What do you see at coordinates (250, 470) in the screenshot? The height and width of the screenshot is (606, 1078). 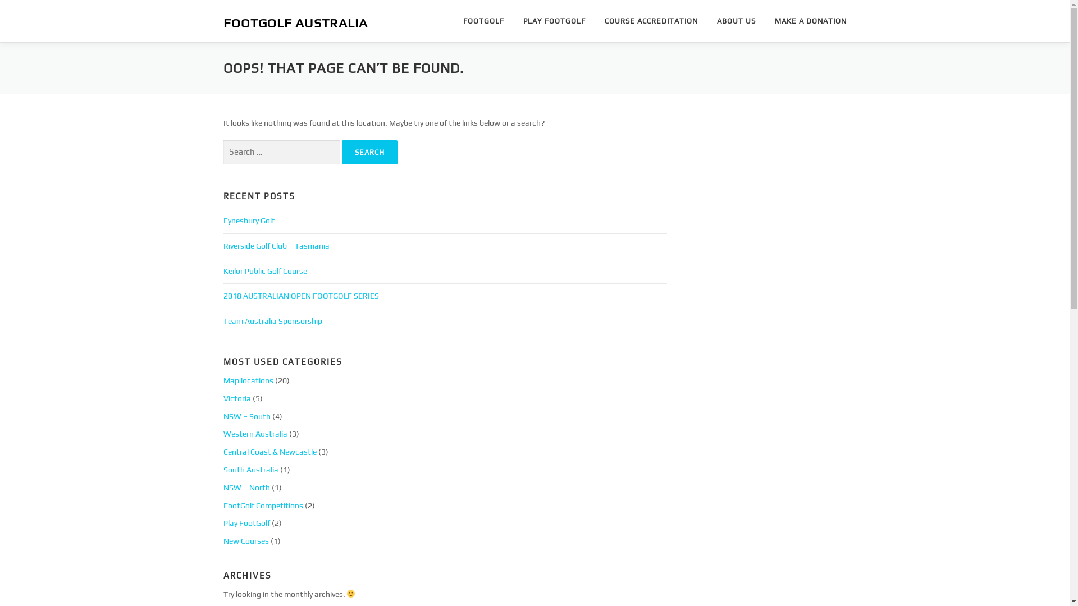 I see `'South Australia'` at bounding box center [250, 470].